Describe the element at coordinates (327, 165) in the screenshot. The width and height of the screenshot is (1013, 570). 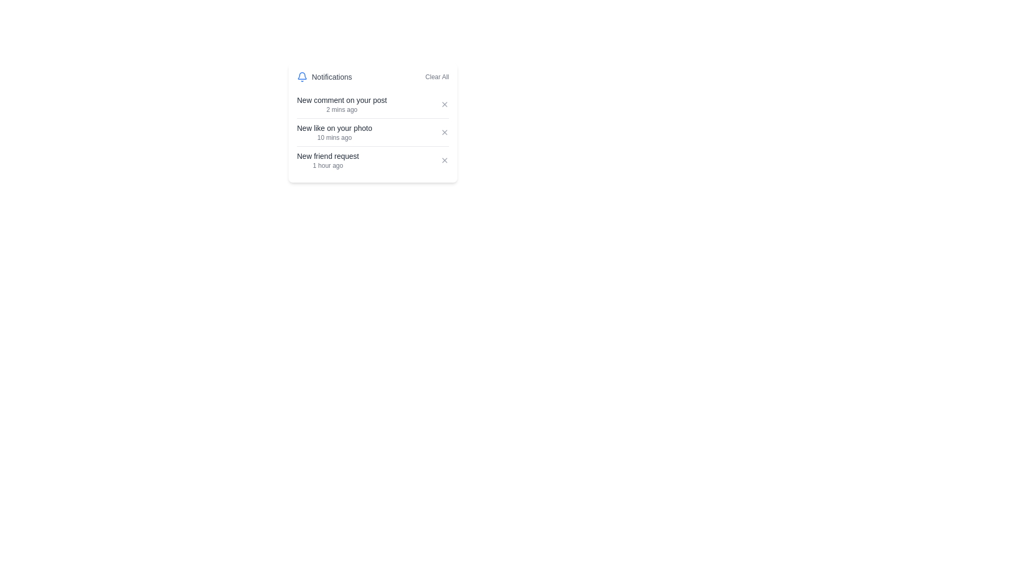
I see `the text label displaying '1 hour ago' located below 'New friend request' in the notification panel` at that location.